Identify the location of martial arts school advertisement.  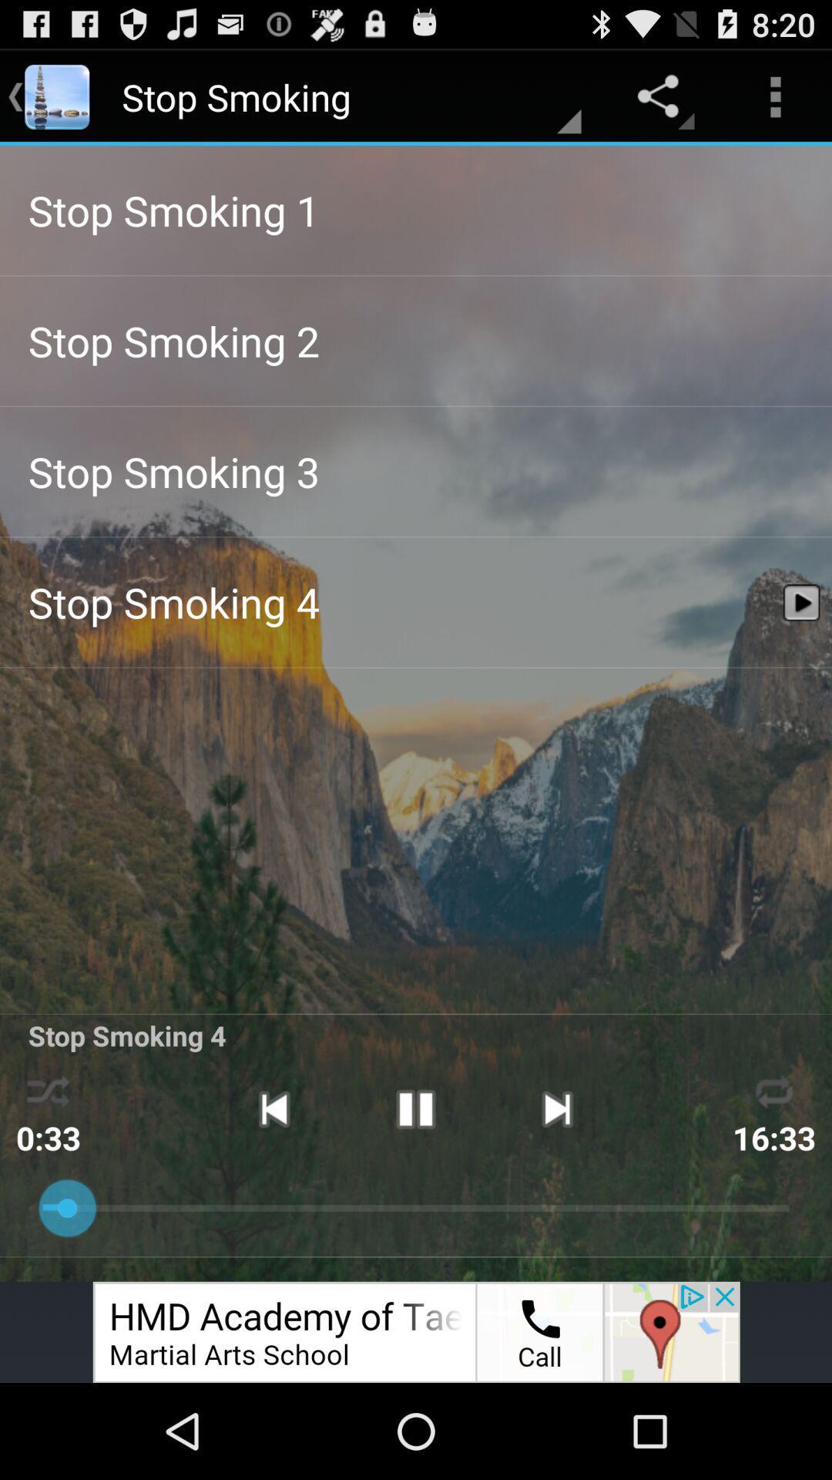
(416, 1331).